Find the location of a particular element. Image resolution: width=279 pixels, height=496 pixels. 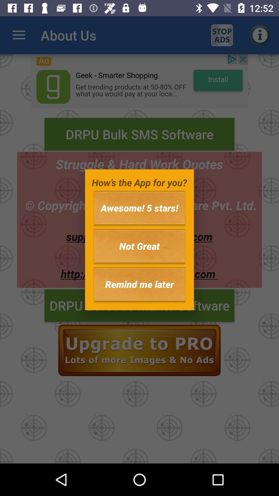

icon below the how s the icon is located at coordinates (139, 208).